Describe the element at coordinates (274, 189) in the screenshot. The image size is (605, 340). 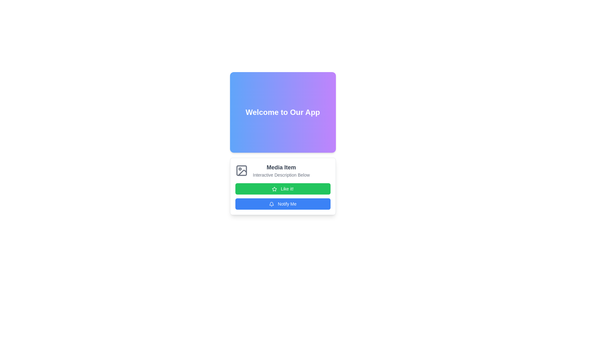
I see `the star icon located near the top right corner of the 'Like it!' green button to indicate a selection or favorite status` at that location.